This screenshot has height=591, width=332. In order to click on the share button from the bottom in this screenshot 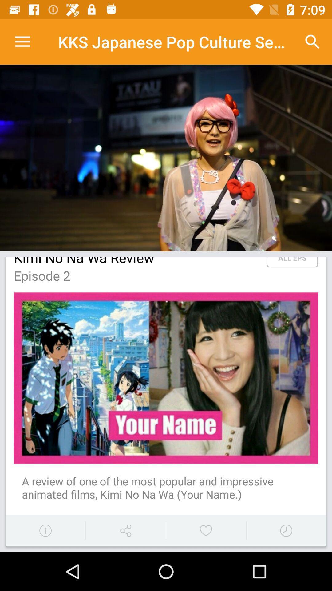, I will do `click(125, 530)`.